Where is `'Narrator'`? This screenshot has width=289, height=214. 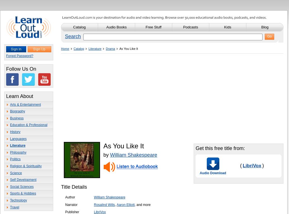
'Narrator' is located at coordinates (65, 204).